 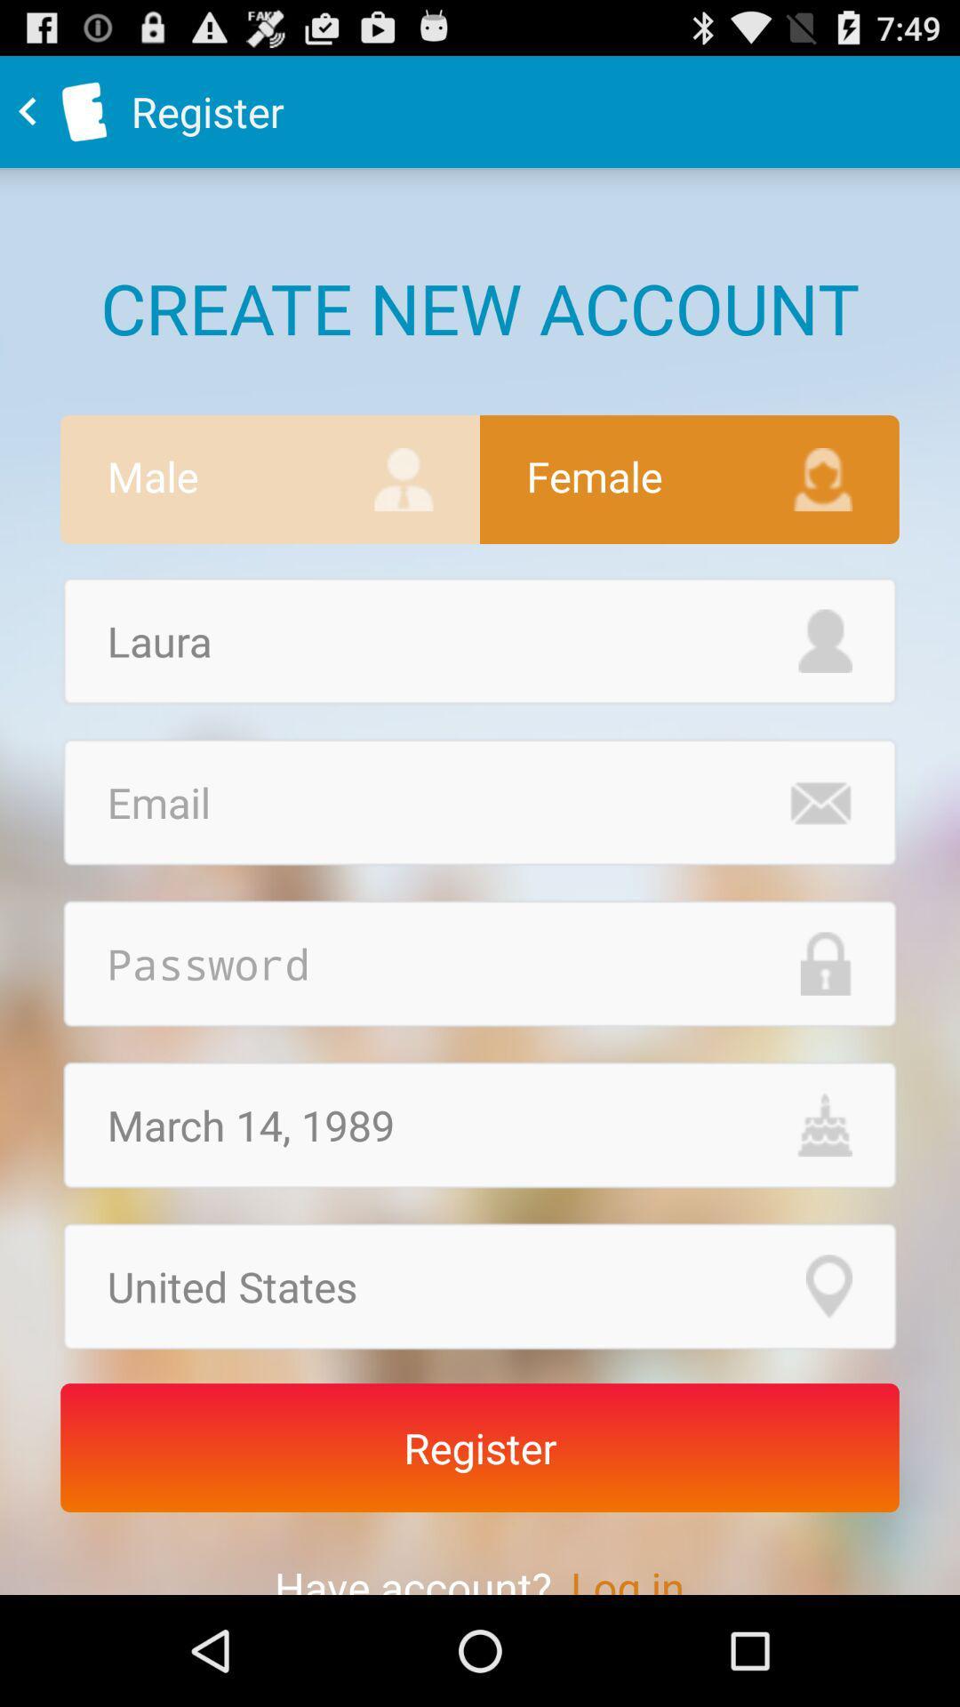 What do you see at coordinates (480, 1552) in the screenshot?
I see `the text have account log in which is below register` at bounding box center [480, 1552].